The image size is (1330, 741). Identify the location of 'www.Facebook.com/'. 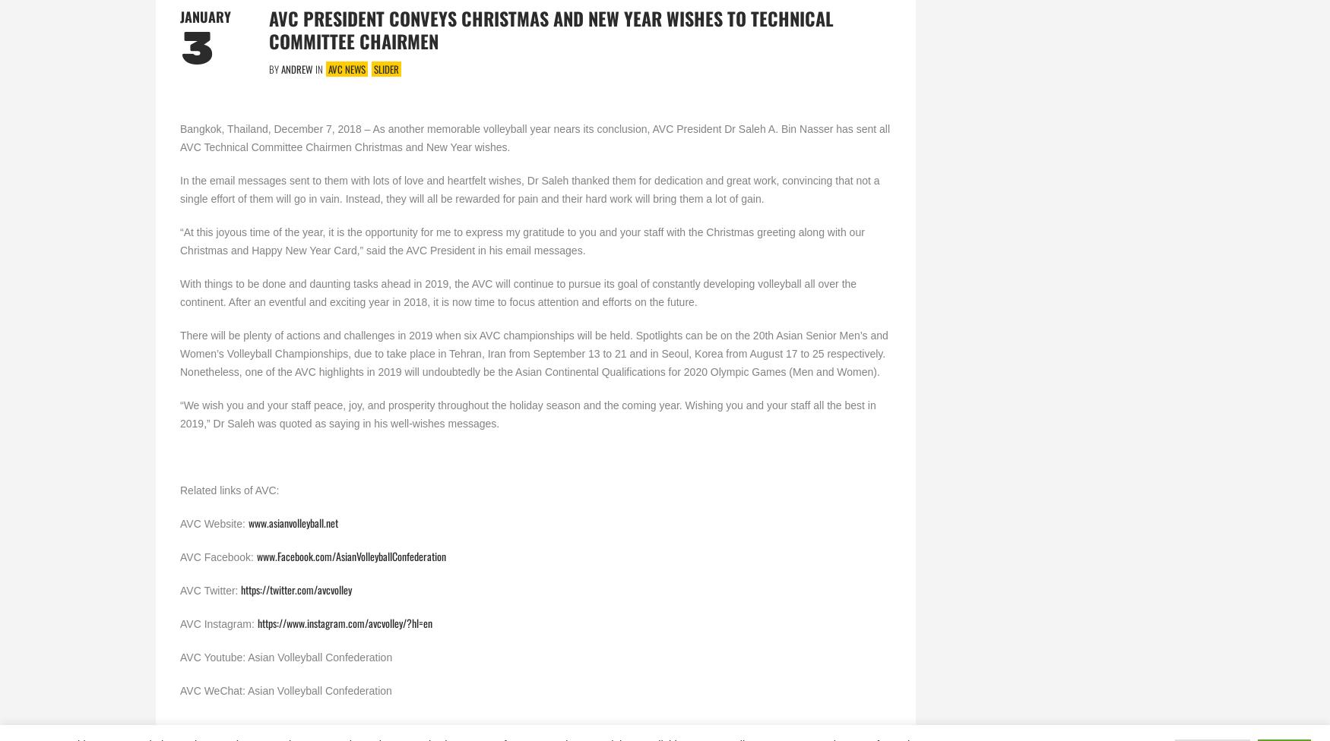
(295, 554).